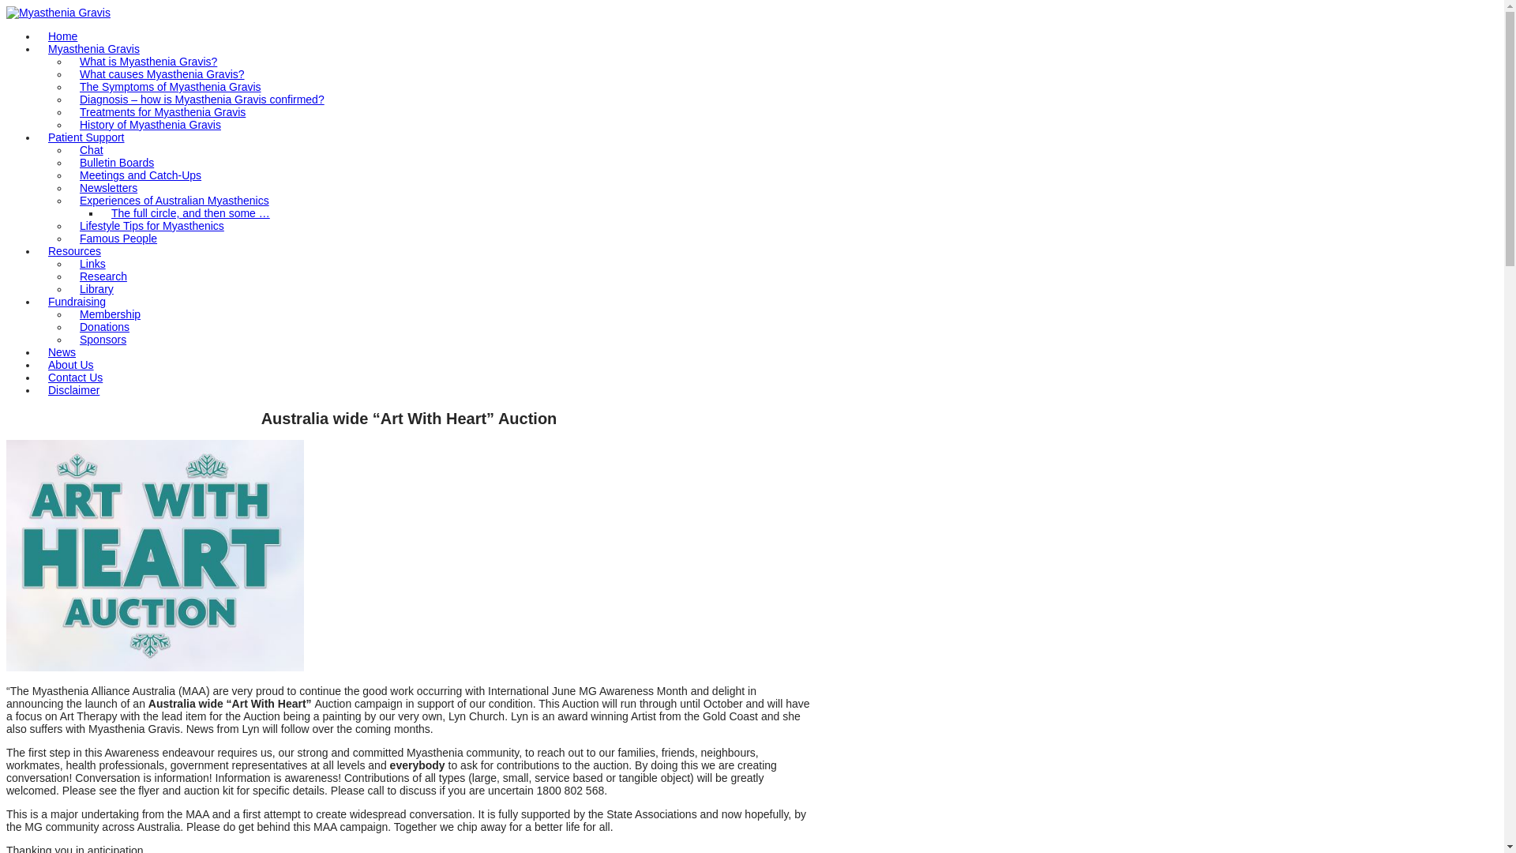 The width and height of the screenshot is (1516, 853). Describe the element at coordinates (68, 175) in the screenshot. I see `'Meetings and Catch-Ups'` at that location.